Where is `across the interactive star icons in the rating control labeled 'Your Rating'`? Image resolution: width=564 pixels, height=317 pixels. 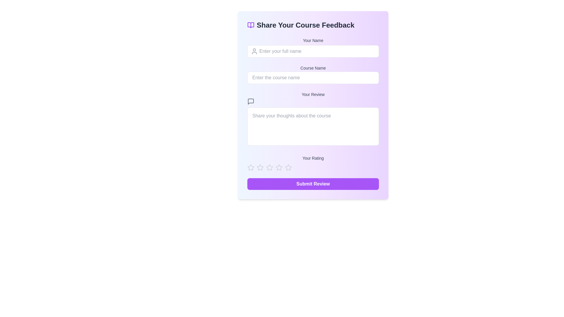
across the interactive star icons in the rating control labeled 'Your Rating' is located at coordinates (313, 163).